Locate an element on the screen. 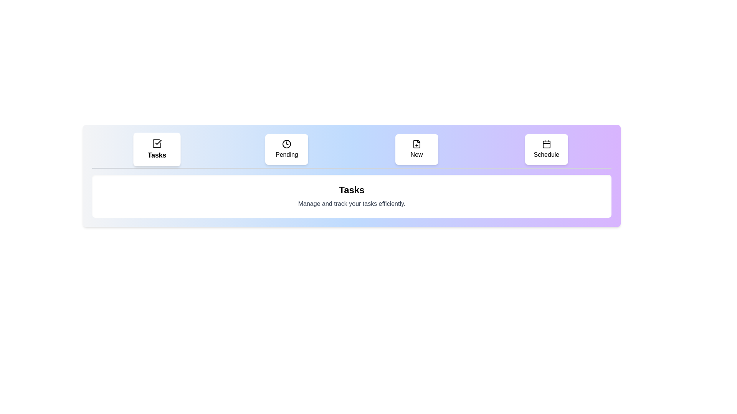  the tab labeled Tasks to observe its hover effect is located at coordinates (157, 149).